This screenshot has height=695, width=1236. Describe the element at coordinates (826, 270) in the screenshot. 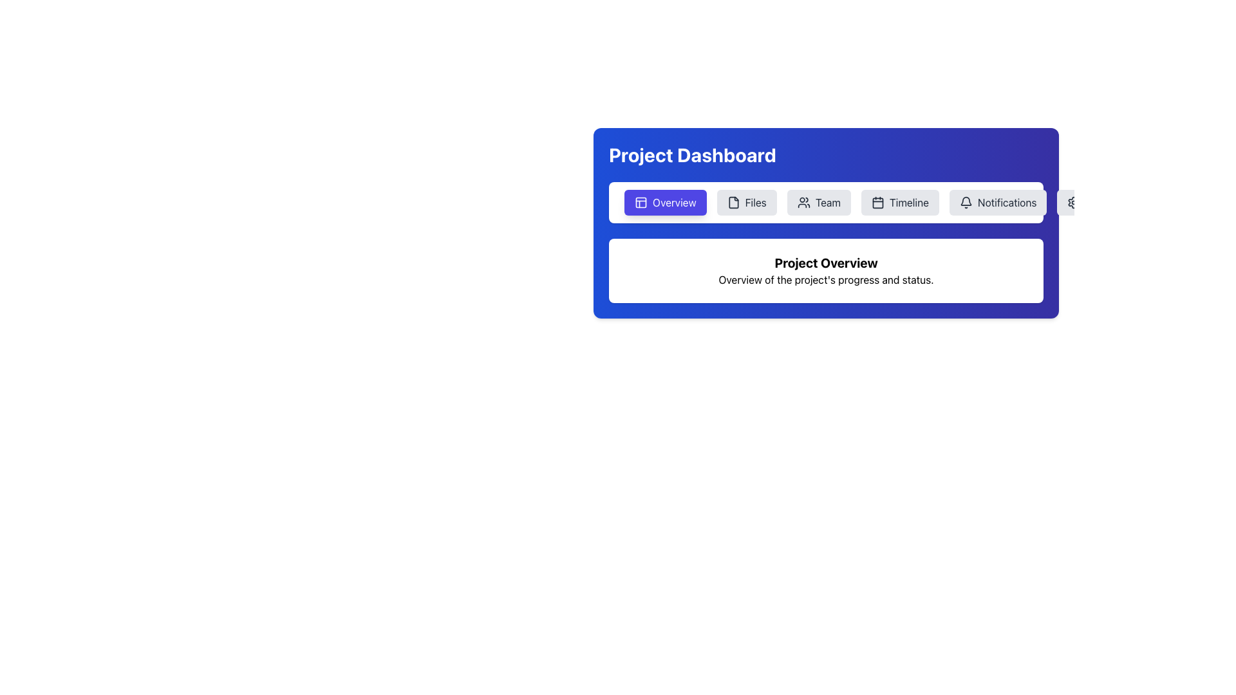

I see `the Text block titled 'Project Overview' which contains a description about the project's progress and status, located centrally below the navigation bar in the dashboard interface` at that location.